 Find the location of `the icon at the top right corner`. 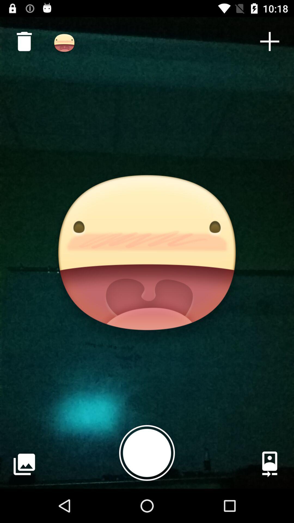

the icon at the top right corner is located at coordinates (269, 41).